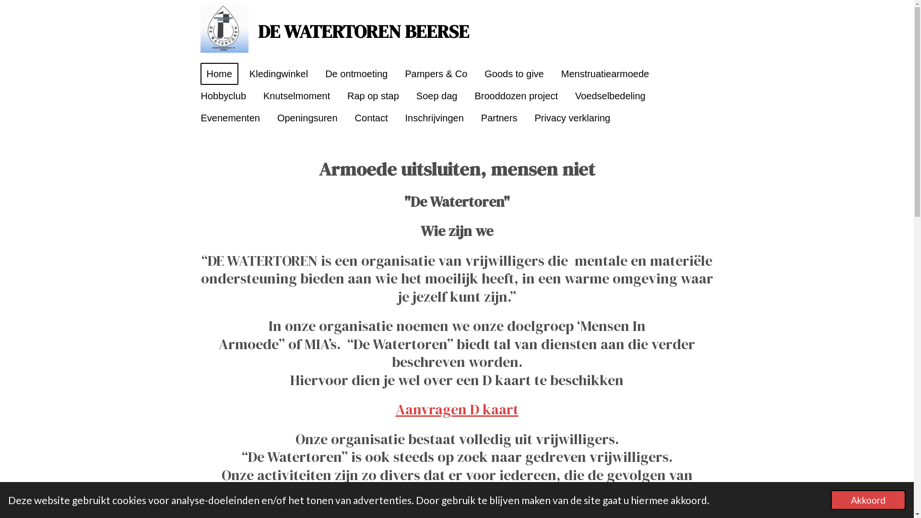  I want to click on 'Partners', so click(499, 118).